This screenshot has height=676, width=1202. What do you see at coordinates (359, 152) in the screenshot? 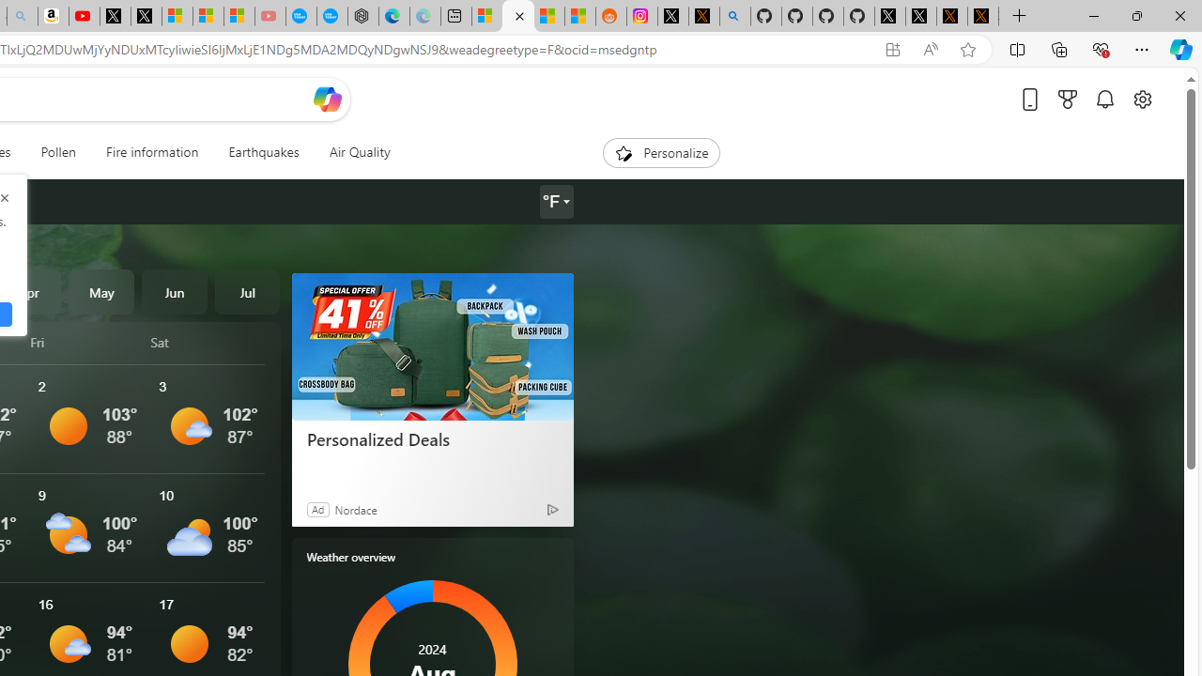
I see `'Air Quality'` at bounding box center [359, 152].